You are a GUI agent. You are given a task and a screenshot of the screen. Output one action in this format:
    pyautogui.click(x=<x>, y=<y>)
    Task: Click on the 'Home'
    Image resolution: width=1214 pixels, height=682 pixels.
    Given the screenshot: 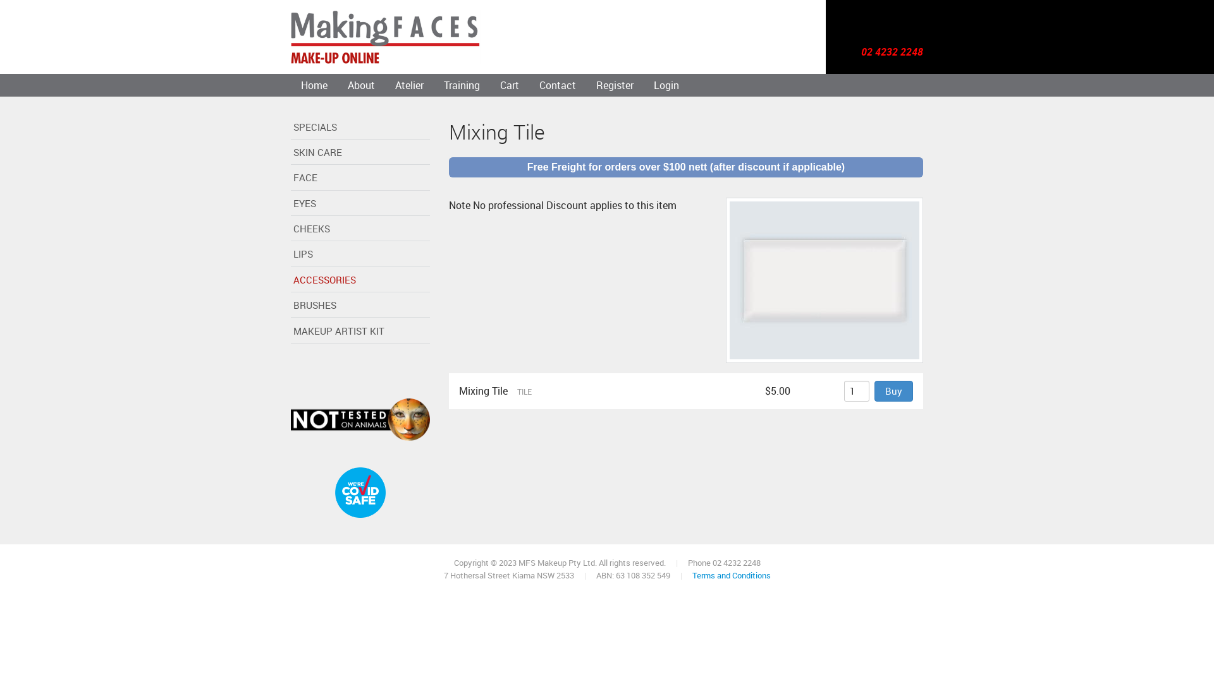 What is the action you would take?
    pyautogui.click(x=314, y=85)
    